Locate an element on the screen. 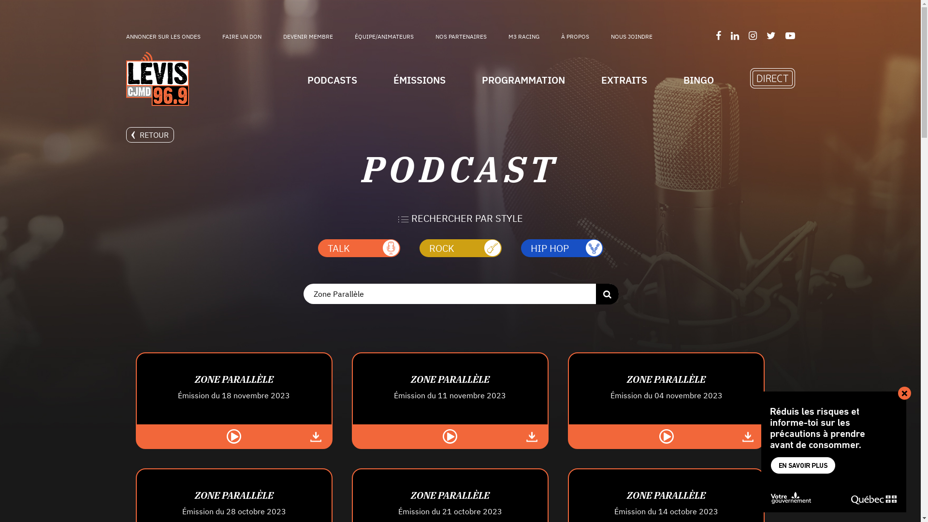 Image resolution: width=928 pixels, height=522 pixels. 'PODCASTS' is located at coordinates (332, 79).